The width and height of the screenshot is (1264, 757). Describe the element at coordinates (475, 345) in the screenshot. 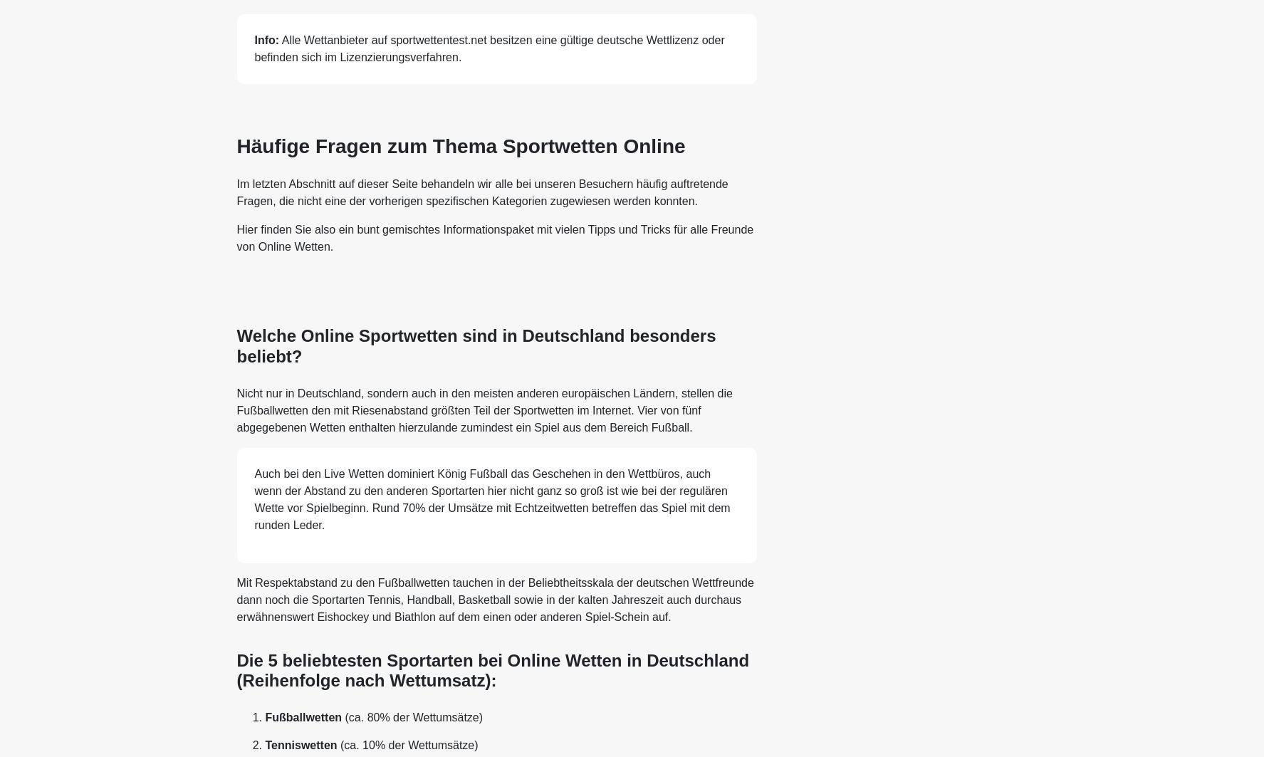

I see `'Welche Online Sportwetten sind in Deutschland besonders beliebt?'` at that location.